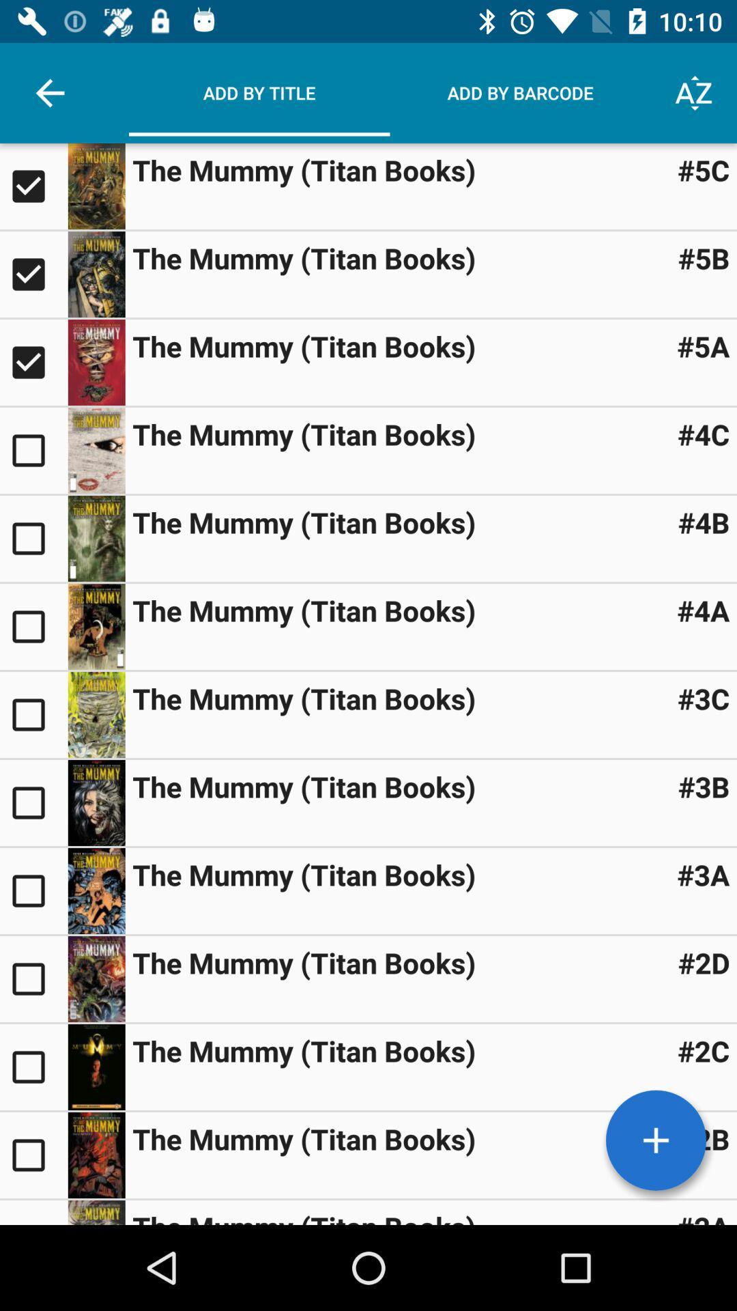 This screenshot has width=737, height=1311. What do you see at coordinates (33, 1067) in the screenshot?
I see `select this title` at bounding box center [33, 1067].